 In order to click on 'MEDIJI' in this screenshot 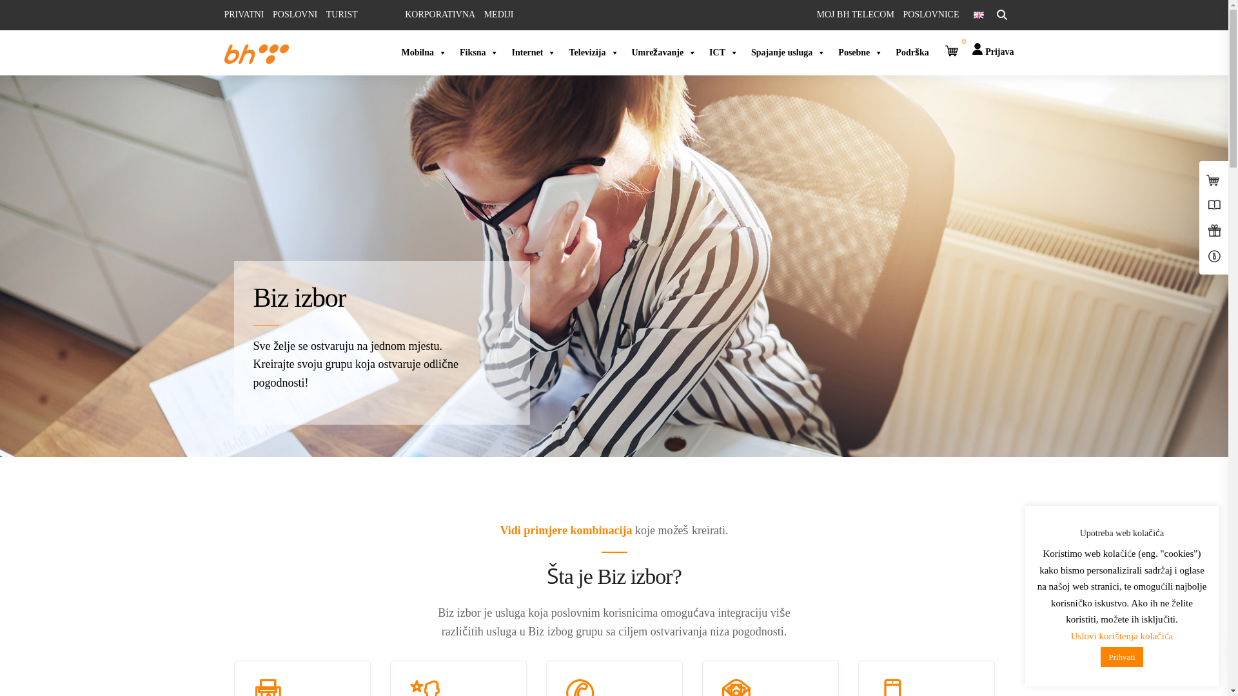, I will do `click(498, 14)`.